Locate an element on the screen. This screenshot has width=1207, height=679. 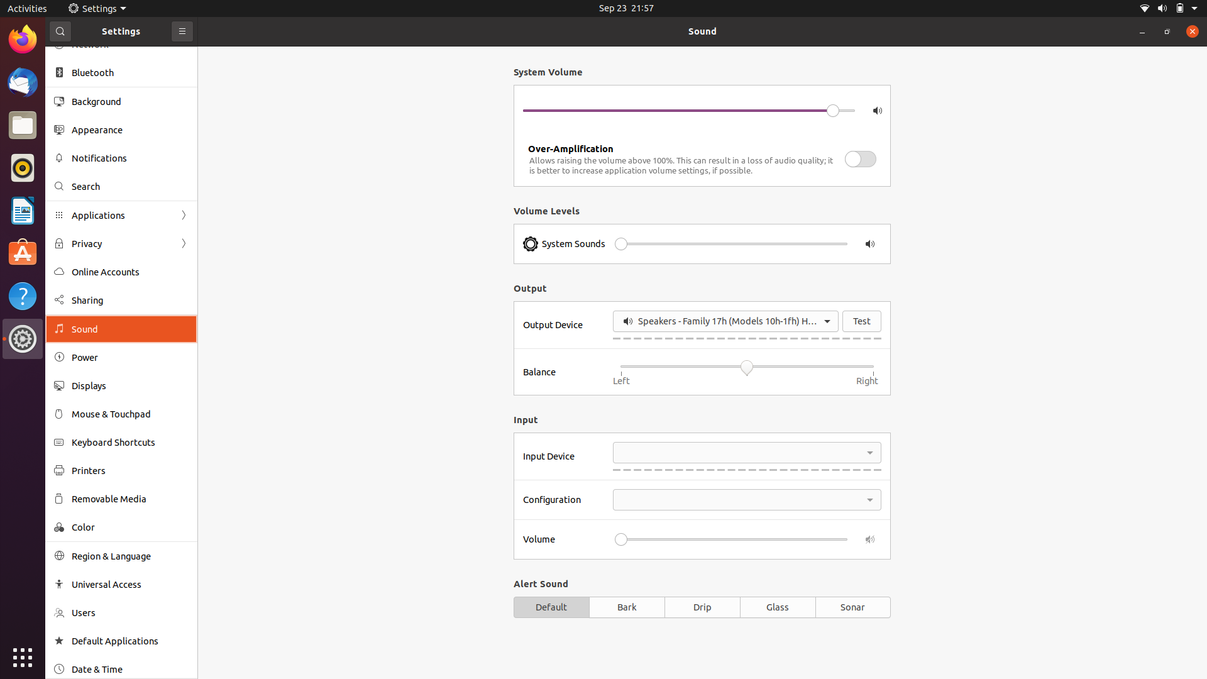
region and language preferences is located at coordinates (121, 555).